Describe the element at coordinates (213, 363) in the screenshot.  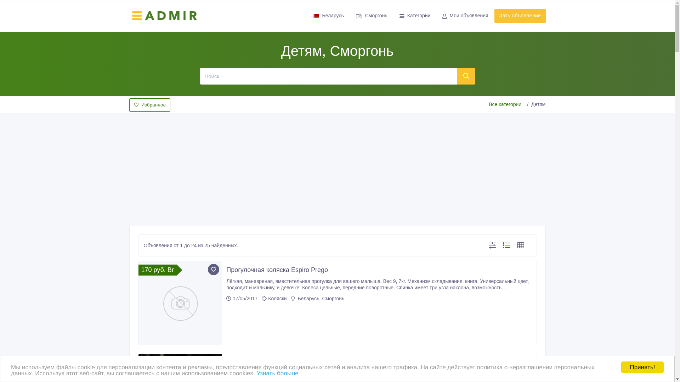
I see `'Add to favorite'` at that location.